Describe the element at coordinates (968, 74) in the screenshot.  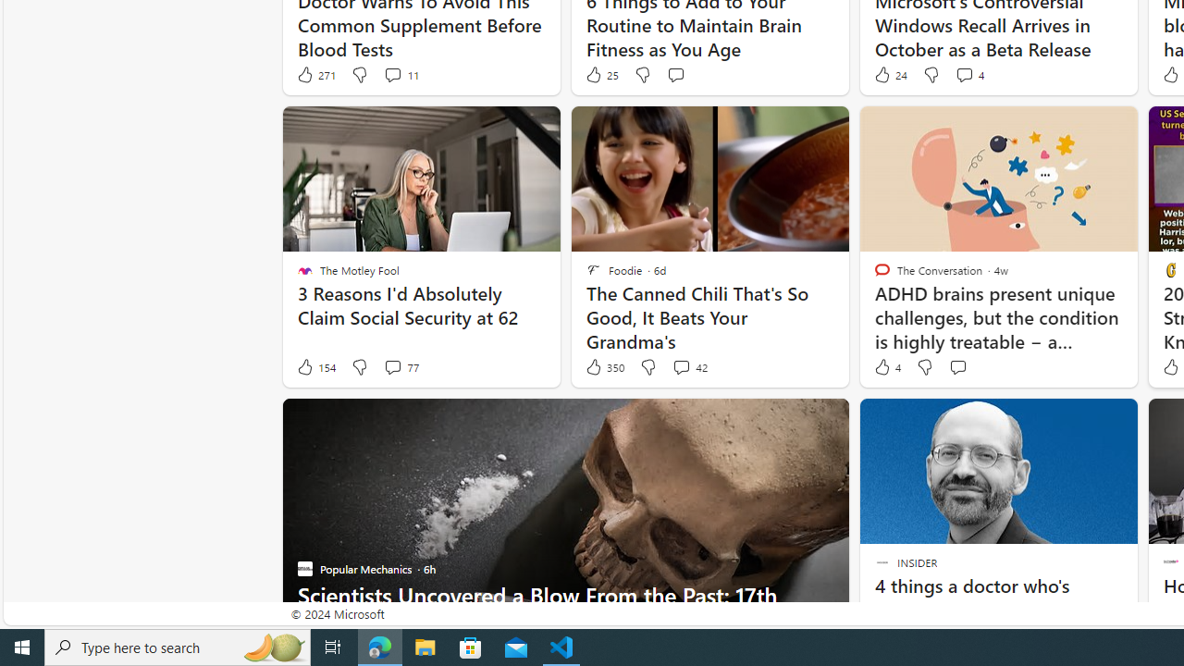
I see `'View comments 4 Comment'` at that location.